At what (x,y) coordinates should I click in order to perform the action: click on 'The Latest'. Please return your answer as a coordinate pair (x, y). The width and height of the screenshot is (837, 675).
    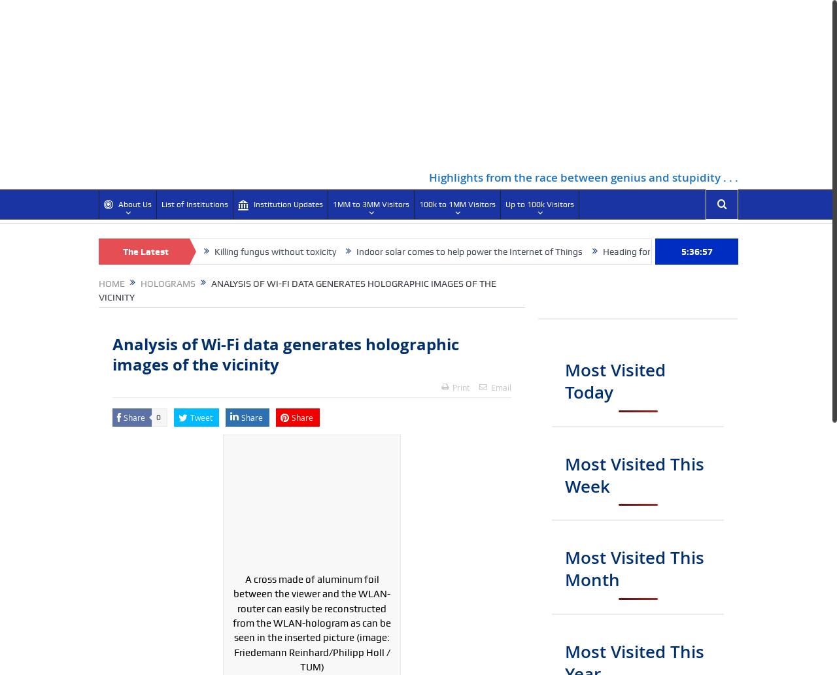
    Looking at the image, I should click on (145, 251).